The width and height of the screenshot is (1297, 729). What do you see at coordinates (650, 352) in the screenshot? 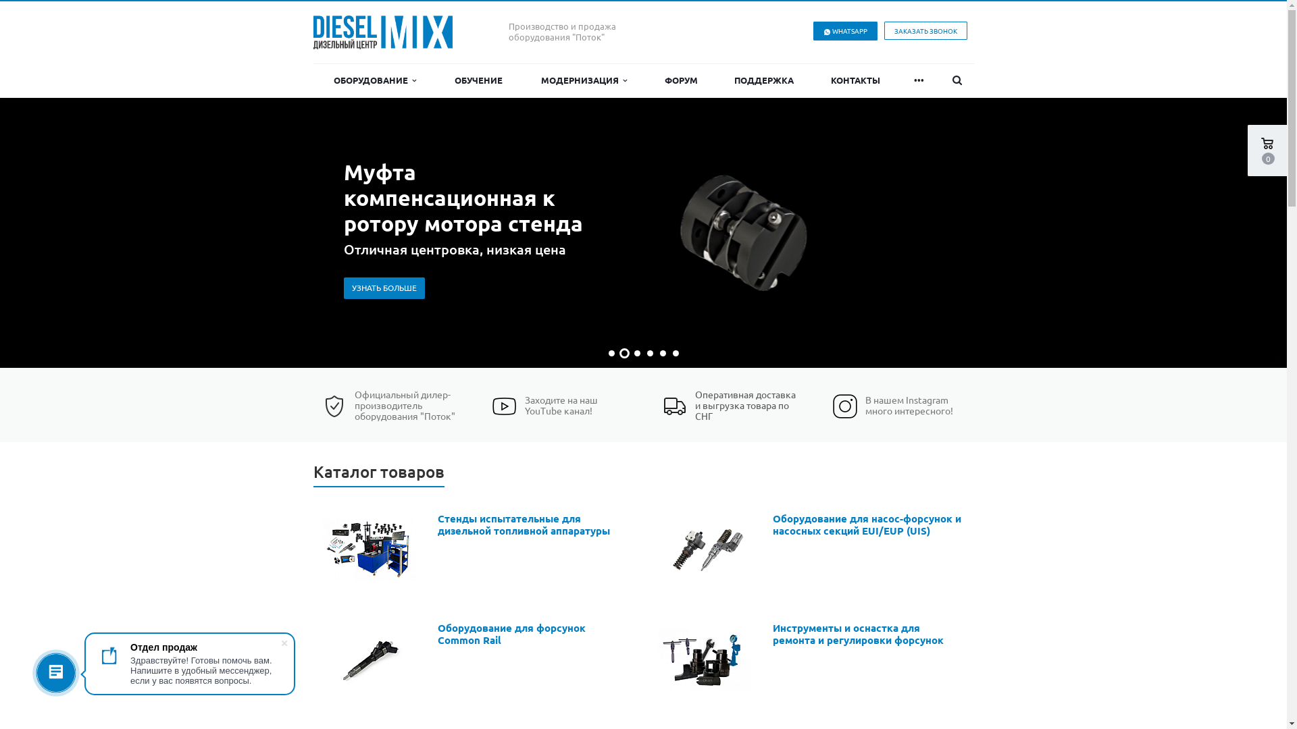
I see `'4'` at bounding box center [650, 352].